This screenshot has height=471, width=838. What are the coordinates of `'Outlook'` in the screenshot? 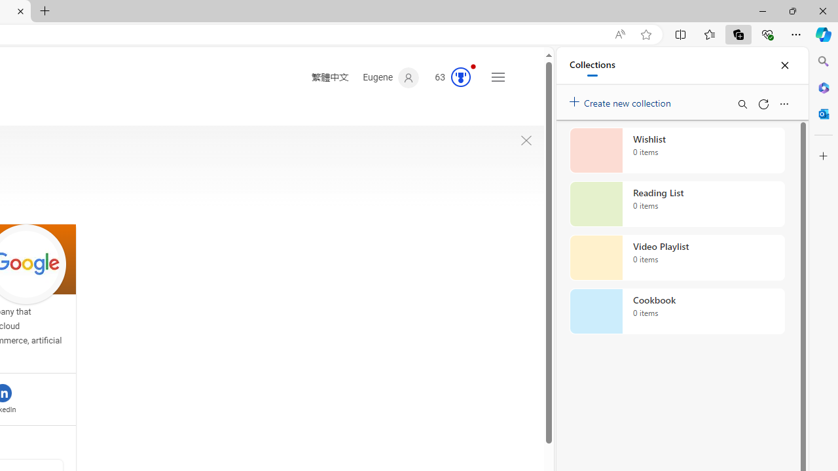 It's located at (823, 113).